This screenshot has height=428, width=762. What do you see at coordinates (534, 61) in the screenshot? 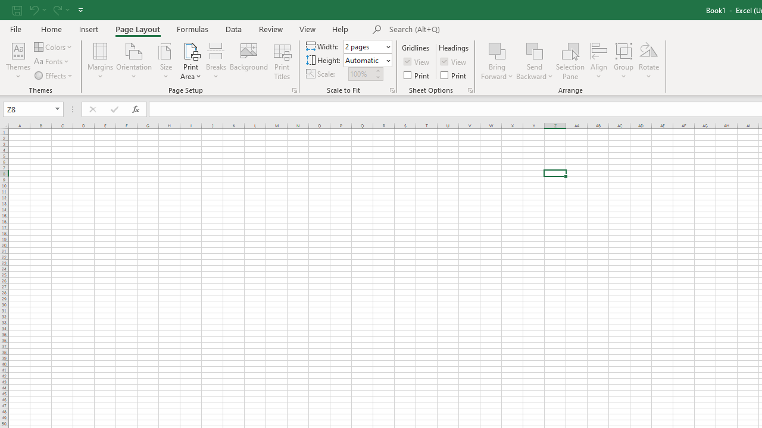
I see `'Send Backward'` at bounding box center [534, 61].